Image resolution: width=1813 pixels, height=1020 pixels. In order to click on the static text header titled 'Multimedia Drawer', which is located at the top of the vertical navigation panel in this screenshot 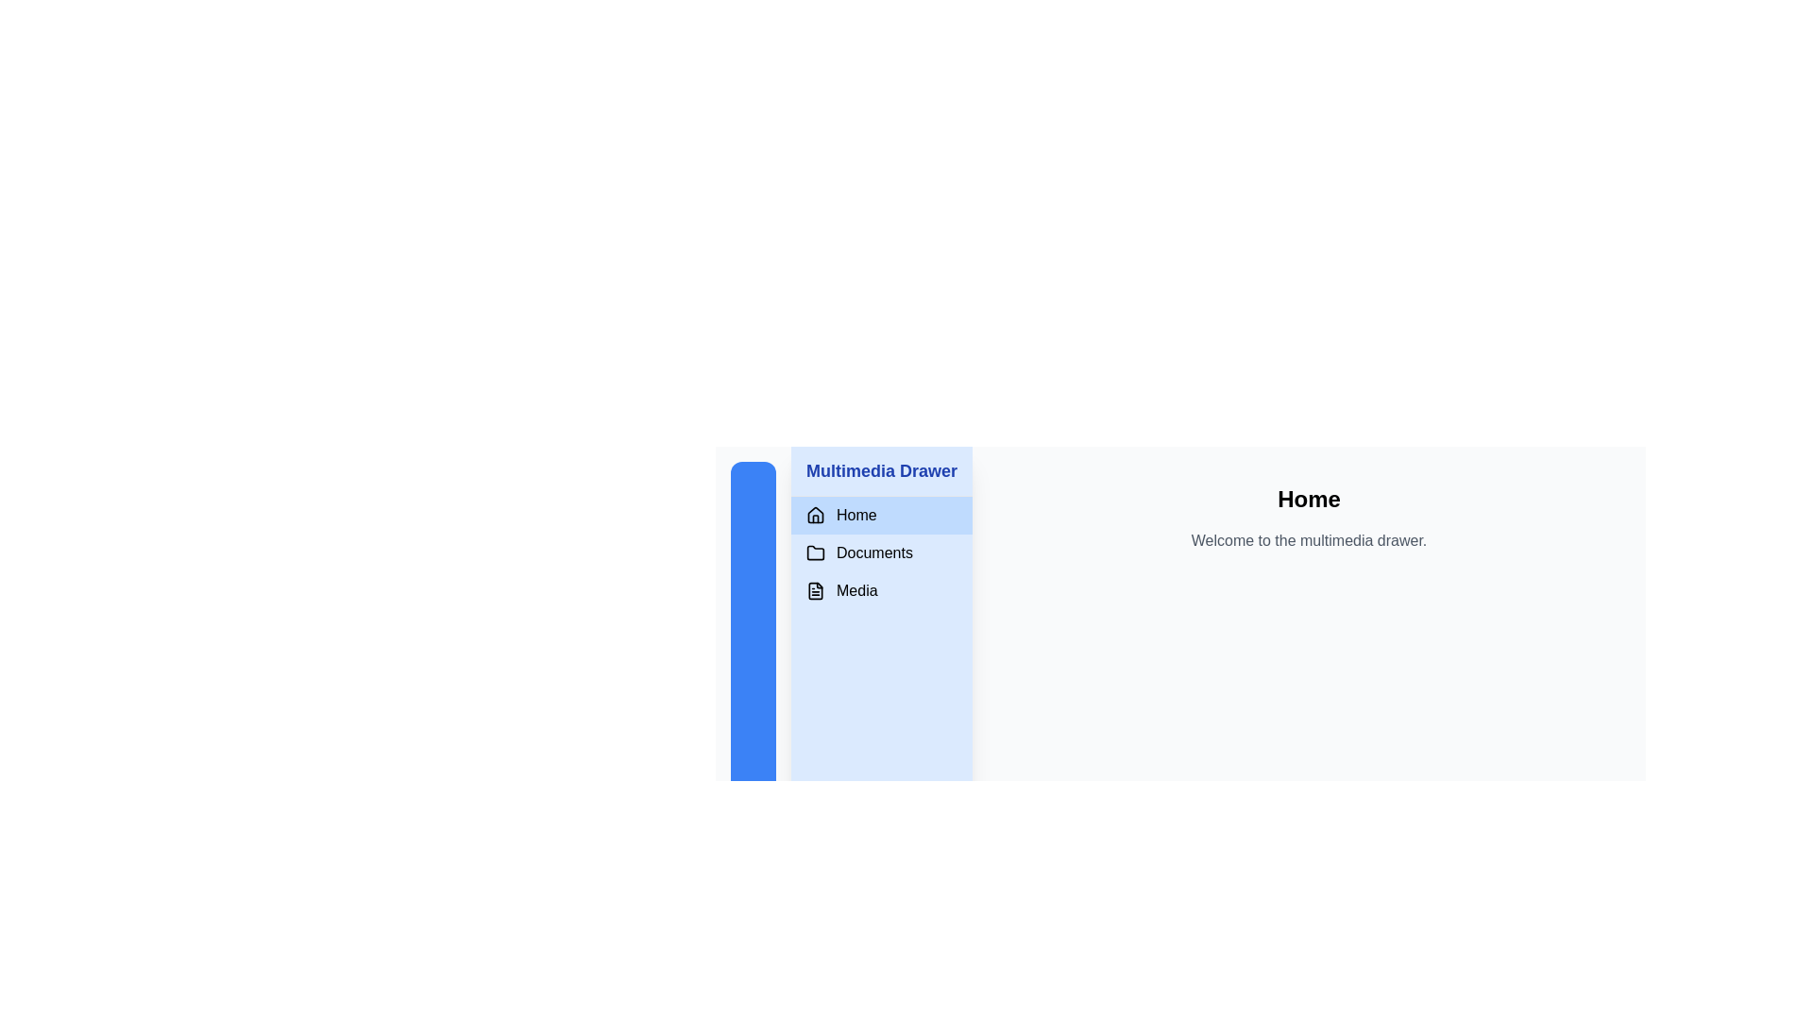, I will do `click(881, 470)`.